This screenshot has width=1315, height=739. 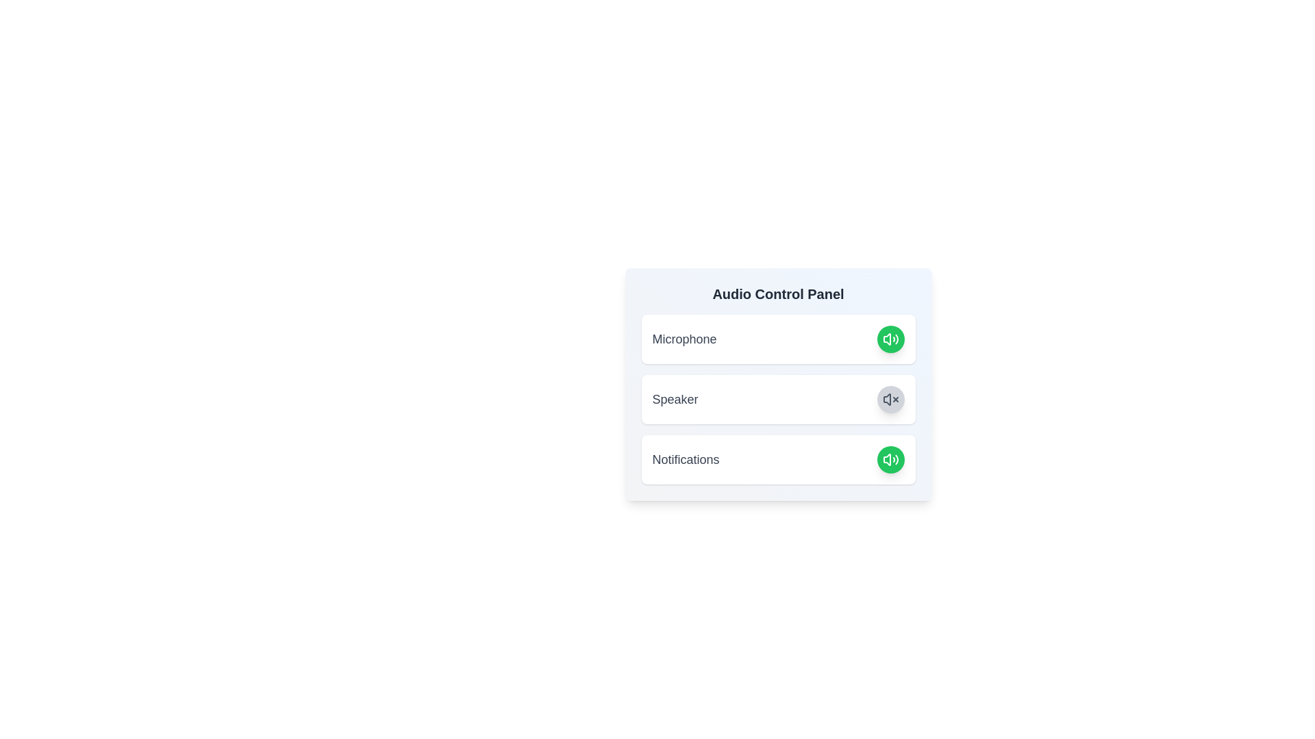 I want to click on the static text label titled 'Audio Control Panel', which is a bold, centered header displayed in dark gray on a light gradient background, so click(x=778, y=293).